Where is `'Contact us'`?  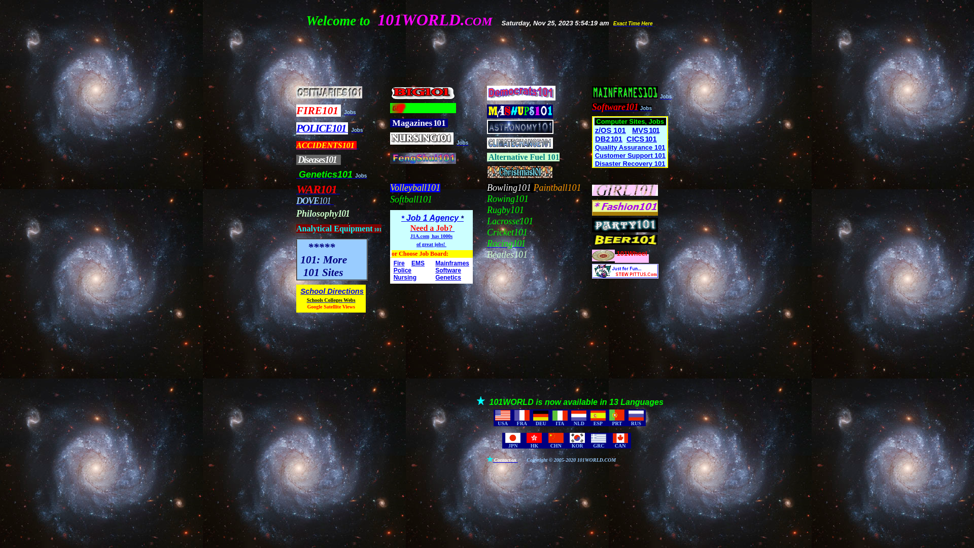 'Contact us' is located at coordinates (505, 459).